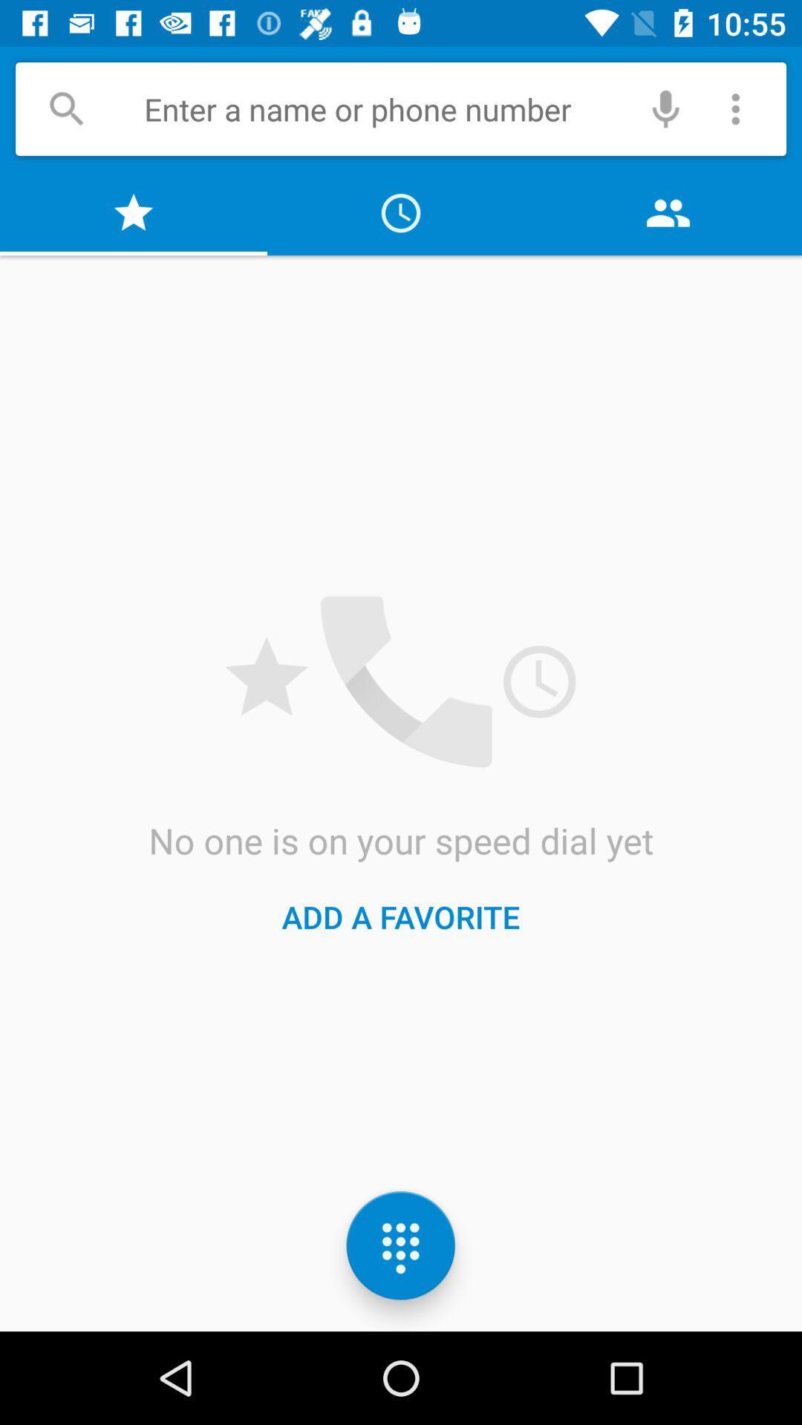 This screenshot has width=802, height=1425. What do you see at coordinates (401, 1245) in the screenshot?
I see `the dialpad icon` at bounding box center [401, 1245].